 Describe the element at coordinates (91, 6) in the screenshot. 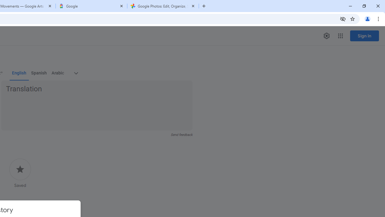

I see `'Google'` at that location.